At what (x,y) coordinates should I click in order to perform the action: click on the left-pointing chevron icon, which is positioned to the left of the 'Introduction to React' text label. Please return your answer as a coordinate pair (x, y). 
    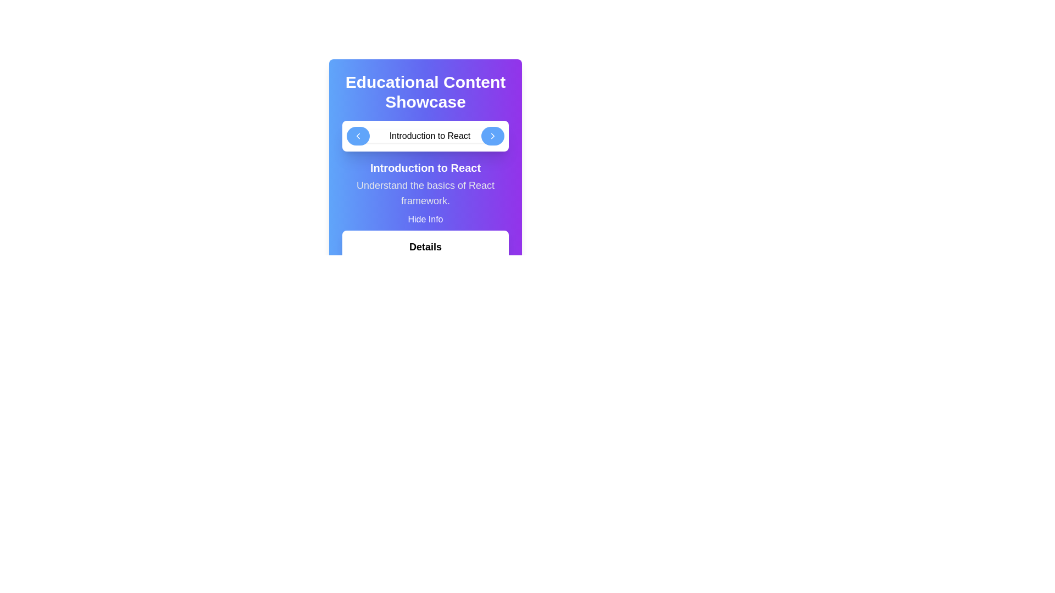
    Looking at the image, I should click on (358, 135).